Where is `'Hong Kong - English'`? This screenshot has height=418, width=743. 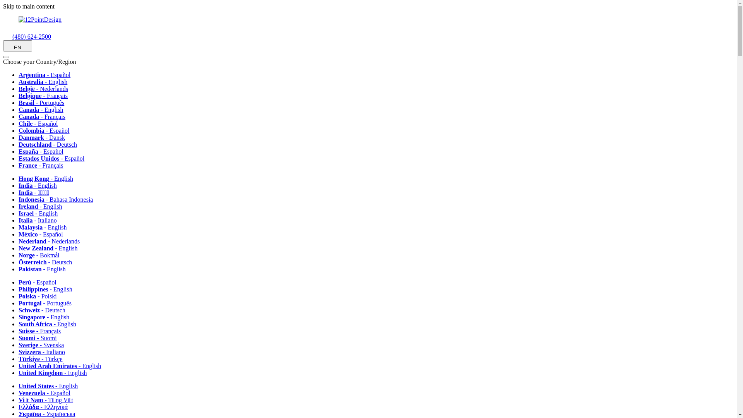 'Hong Kong - English' is located at coordinates (48, 178).